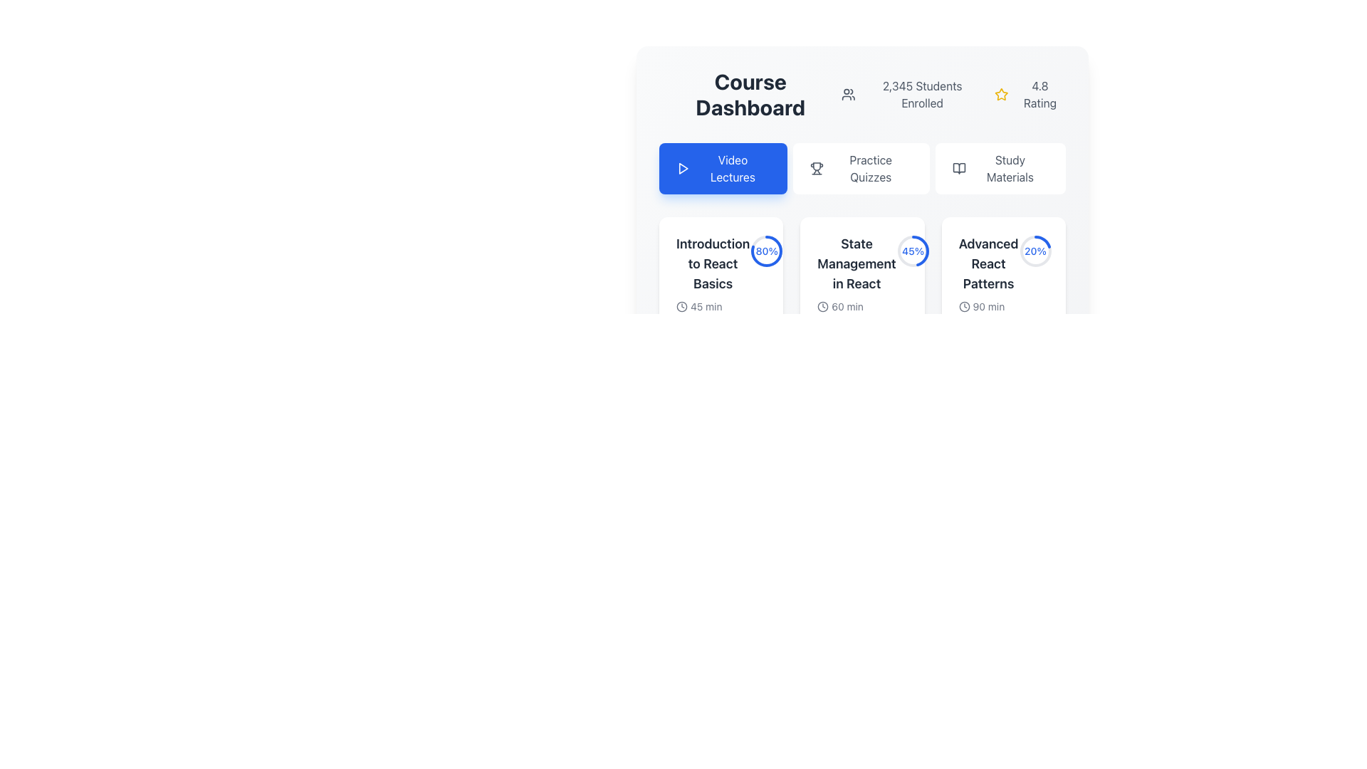  Describe the element at coordinates (723, 167) in the screenshot. I see `the first button in the horizontal group located below the 'Course Dashboard' heading` at that location.